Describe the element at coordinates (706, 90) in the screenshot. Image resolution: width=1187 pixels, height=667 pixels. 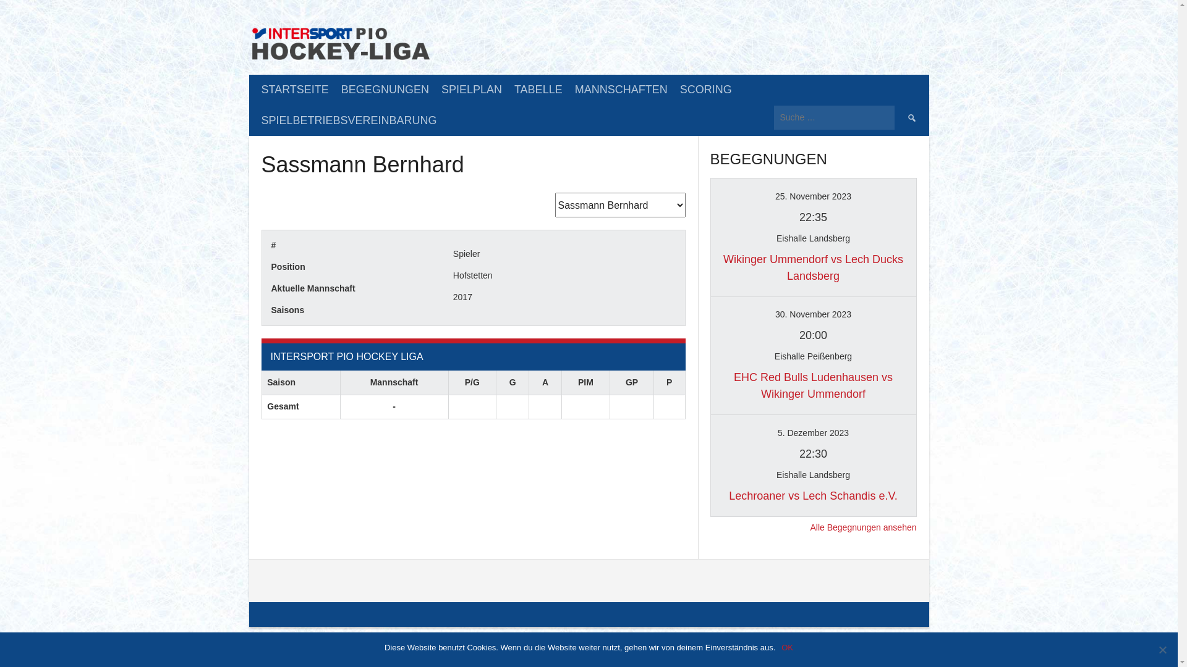
I see `'SCORING'` at that location.